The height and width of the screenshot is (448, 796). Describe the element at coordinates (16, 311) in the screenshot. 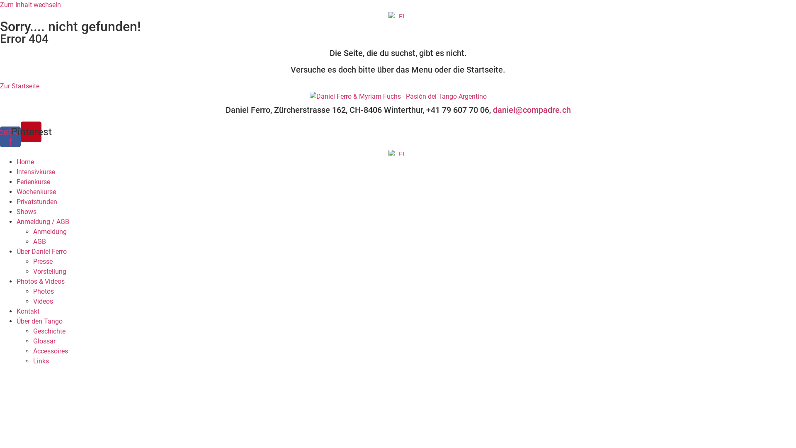

I see `'Kontakt'` at that location.